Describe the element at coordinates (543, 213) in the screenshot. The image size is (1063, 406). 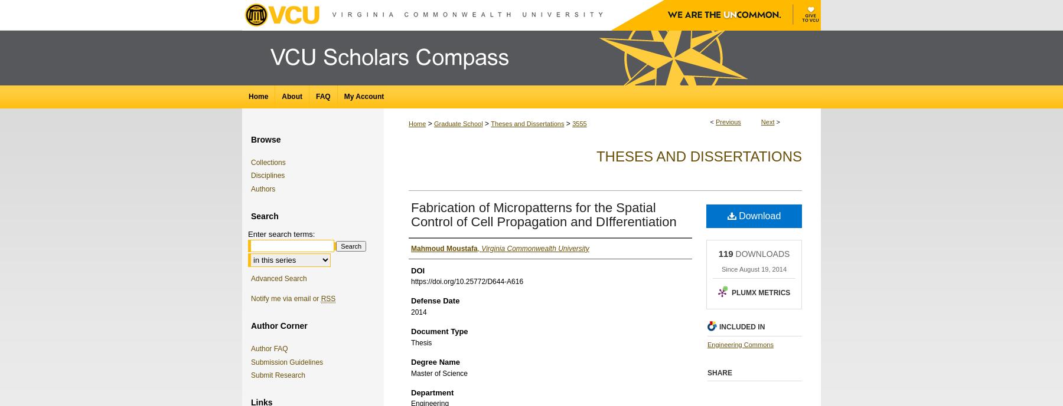
I see `'Fabrication of Micropatterns for the Spatial Control of Cell Propagation and DIfferentiation'` at that location.